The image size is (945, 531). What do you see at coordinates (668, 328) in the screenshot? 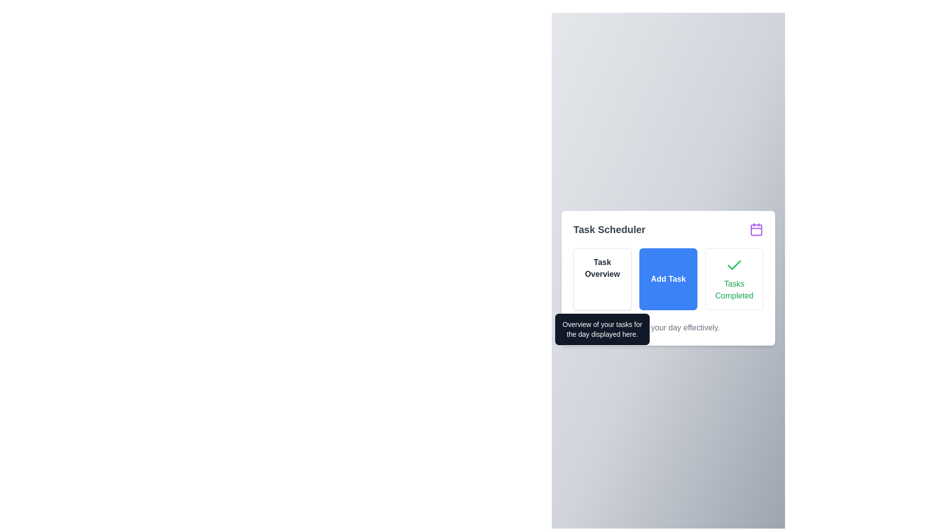
I see `the text element that says 'Organize your day effectively.' which is styled in gray and located at the bottom of the 'Task Scheduler' card` at bounding box center [668, 328].